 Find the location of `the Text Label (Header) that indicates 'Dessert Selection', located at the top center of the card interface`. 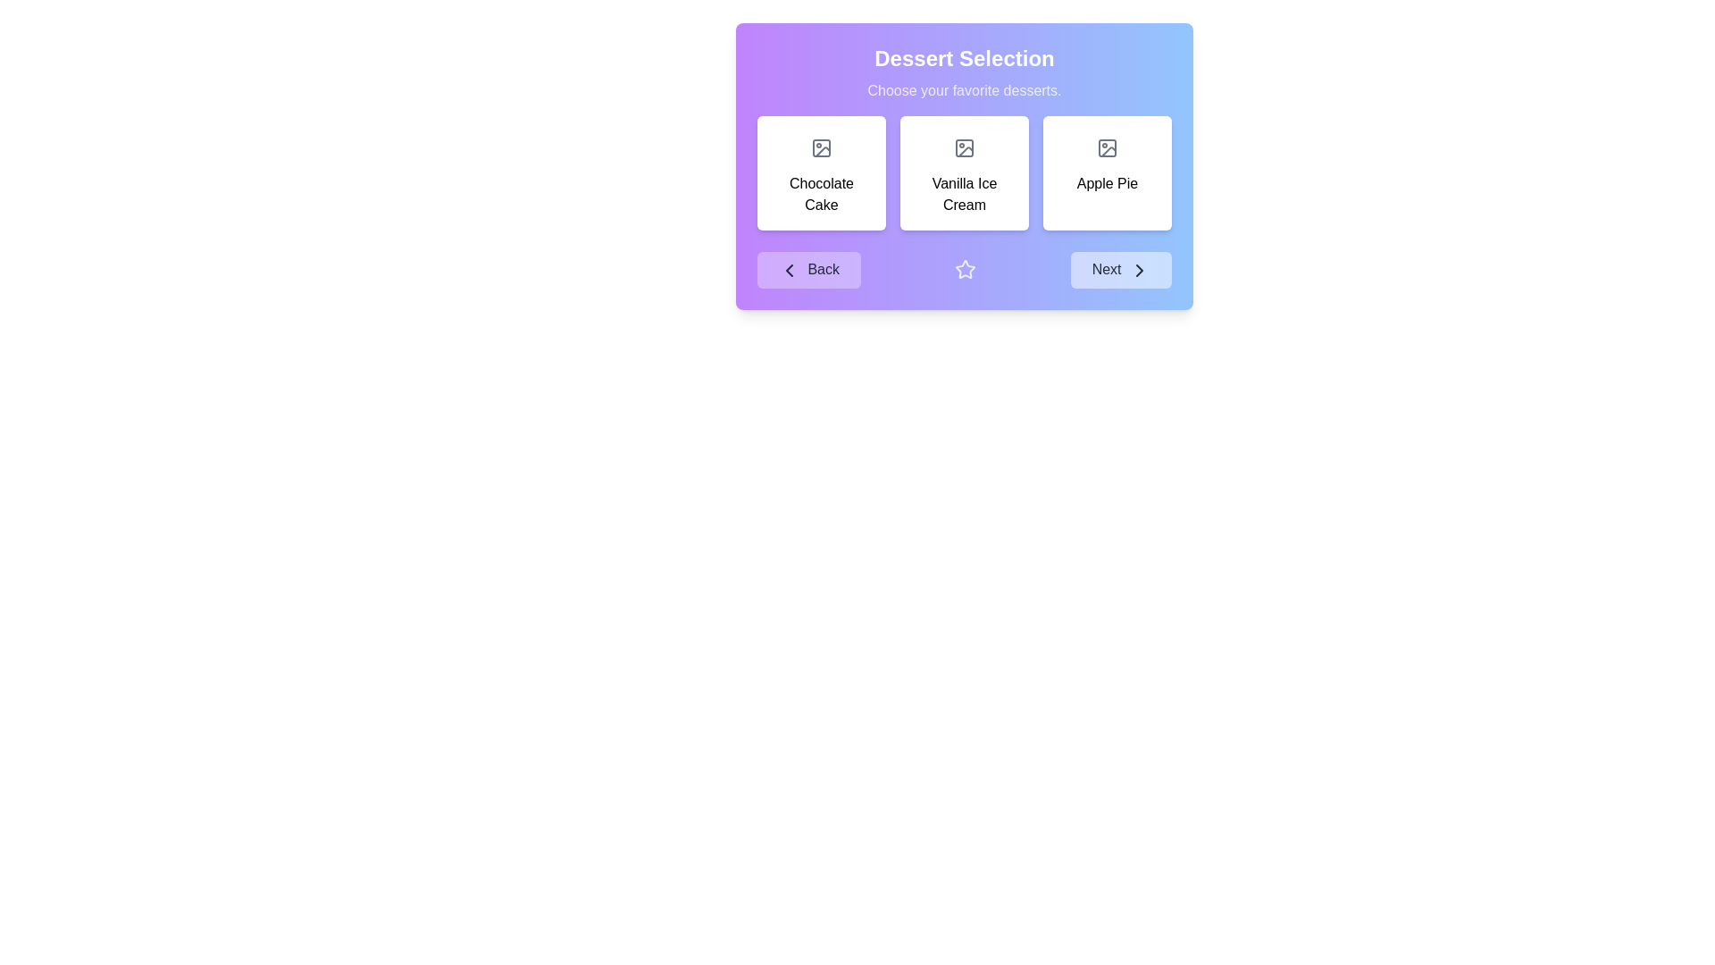

the Text Label (Header) that indicates 'Dessert Selection', located at the top center of the card interface is located at coordinates (964, 57).